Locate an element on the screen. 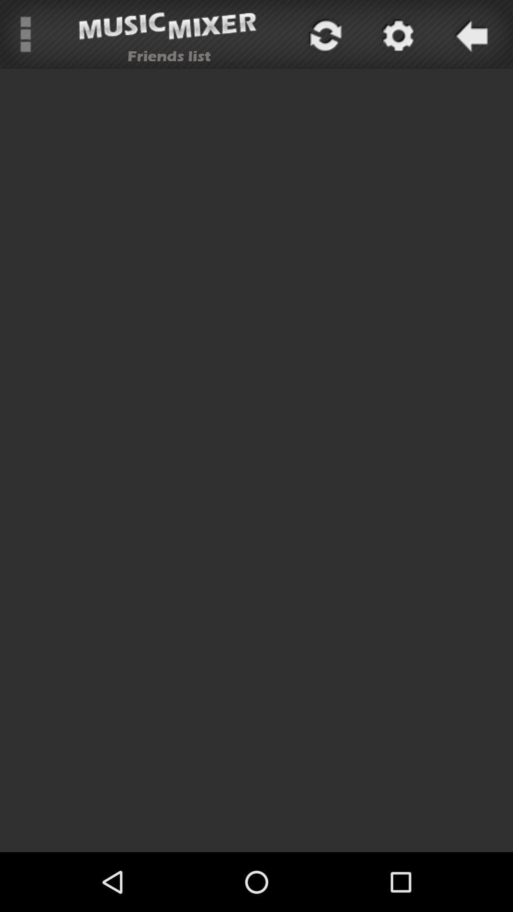 This screenshot has width=513, height=912. refresh is located at coordinates (323, 34).